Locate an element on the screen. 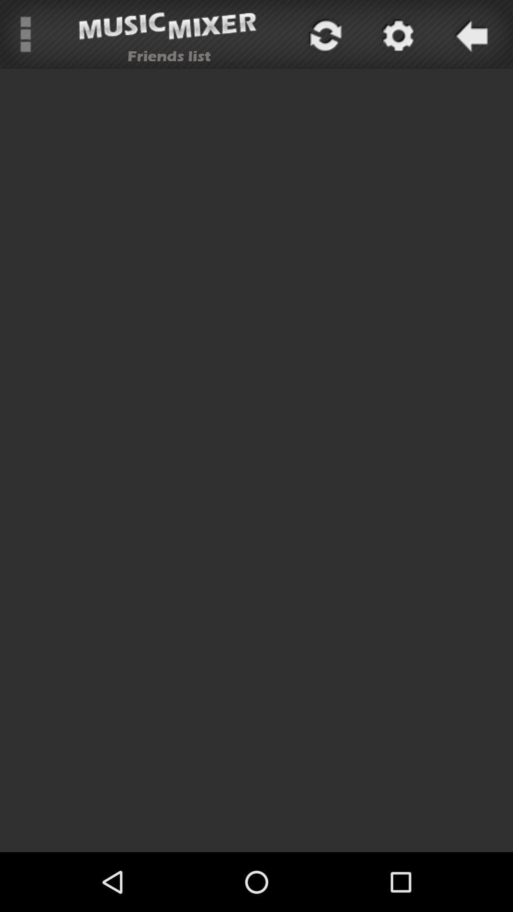 This screenshot has width=513, height=912. refresh is located at coordinates (323, 34).